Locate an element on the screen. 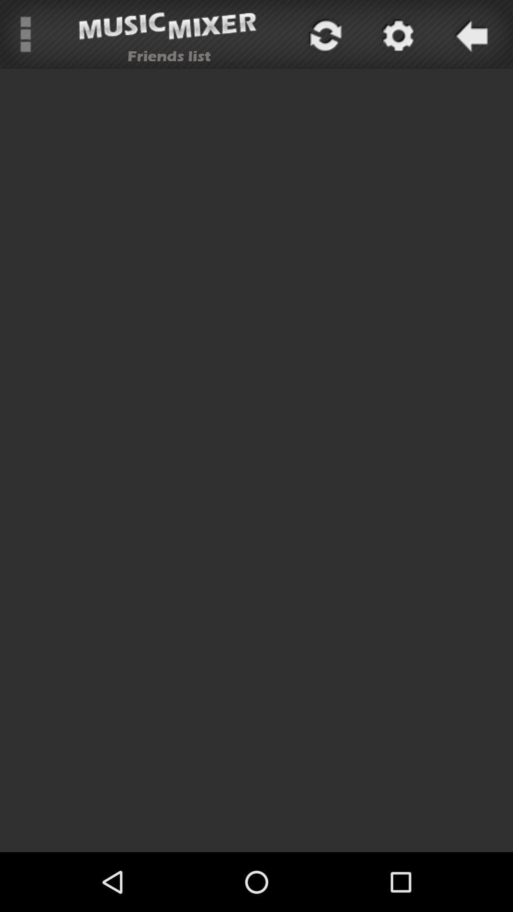 This screenshot has width=513, height=912. refresh is located at coordinates (323, 34).